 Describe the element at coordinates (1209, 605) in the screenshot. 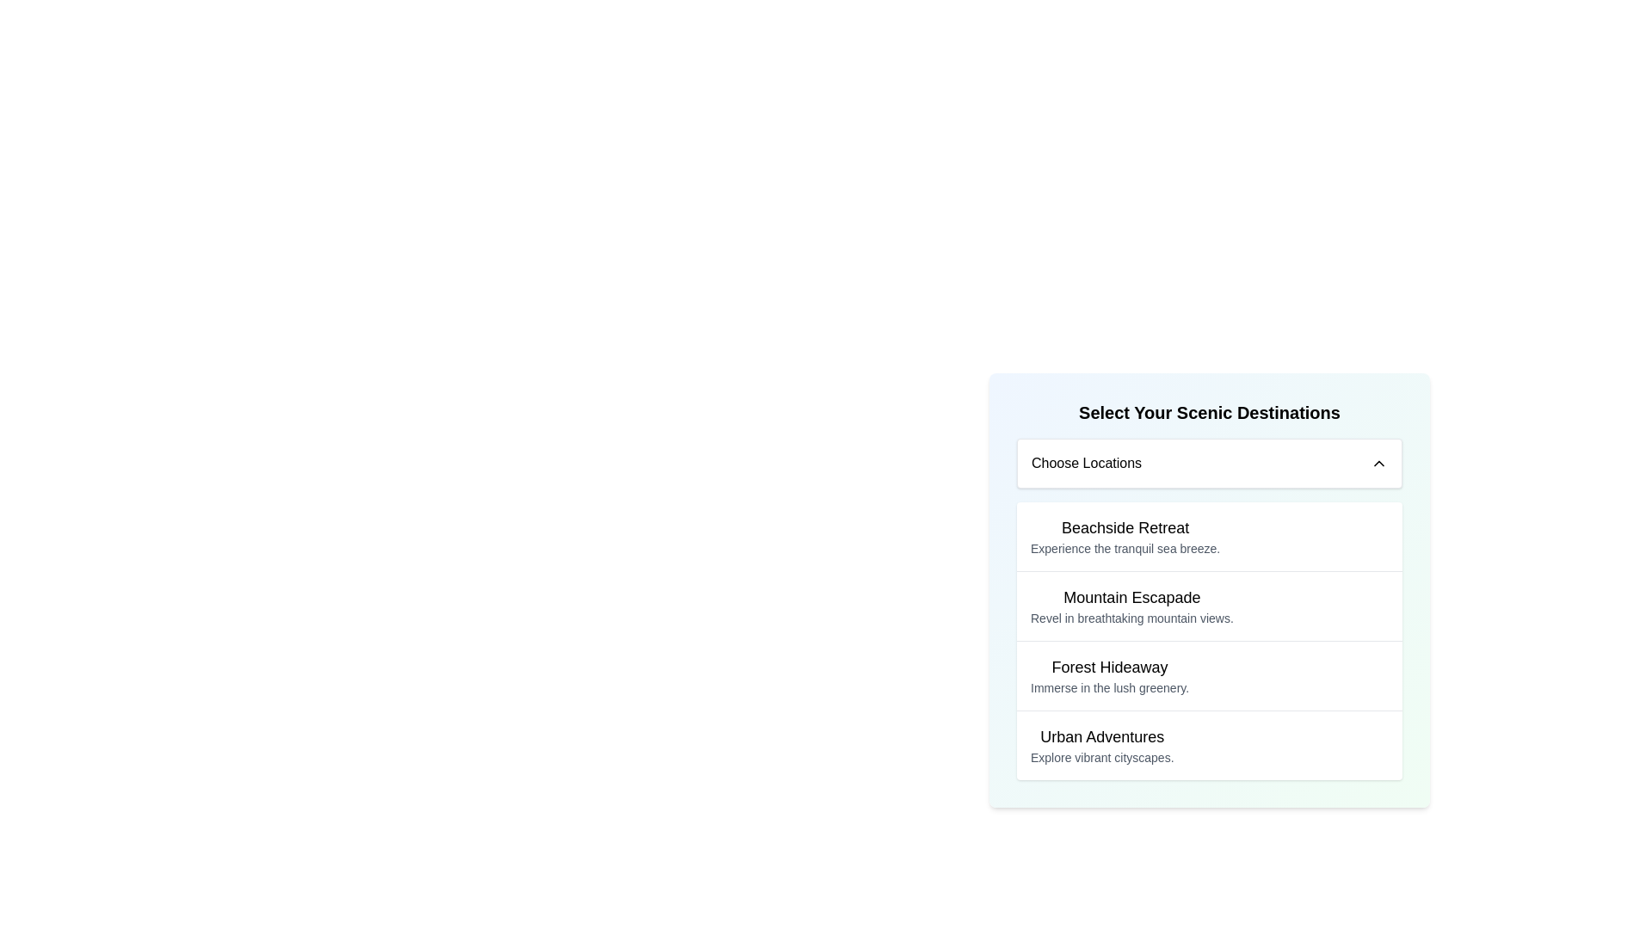

I see `the selectable list item for 'Mountain Escapade', which is the second option in the list of scenic destinations` at that location.